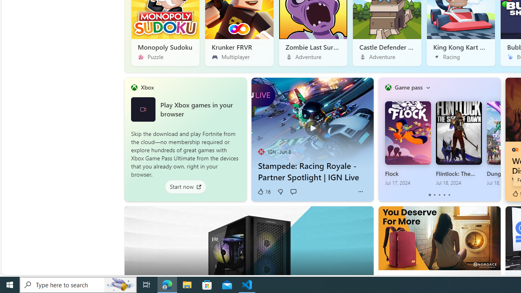  I want to click on 'GameRant', so click(514, 149).